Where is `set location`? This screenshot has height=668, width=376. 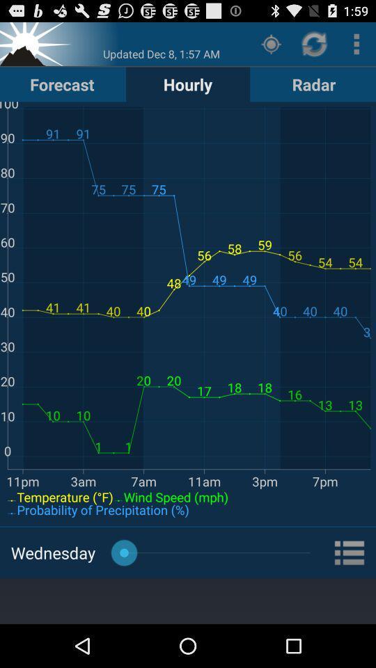 set location is located at coordinates (37, 43).